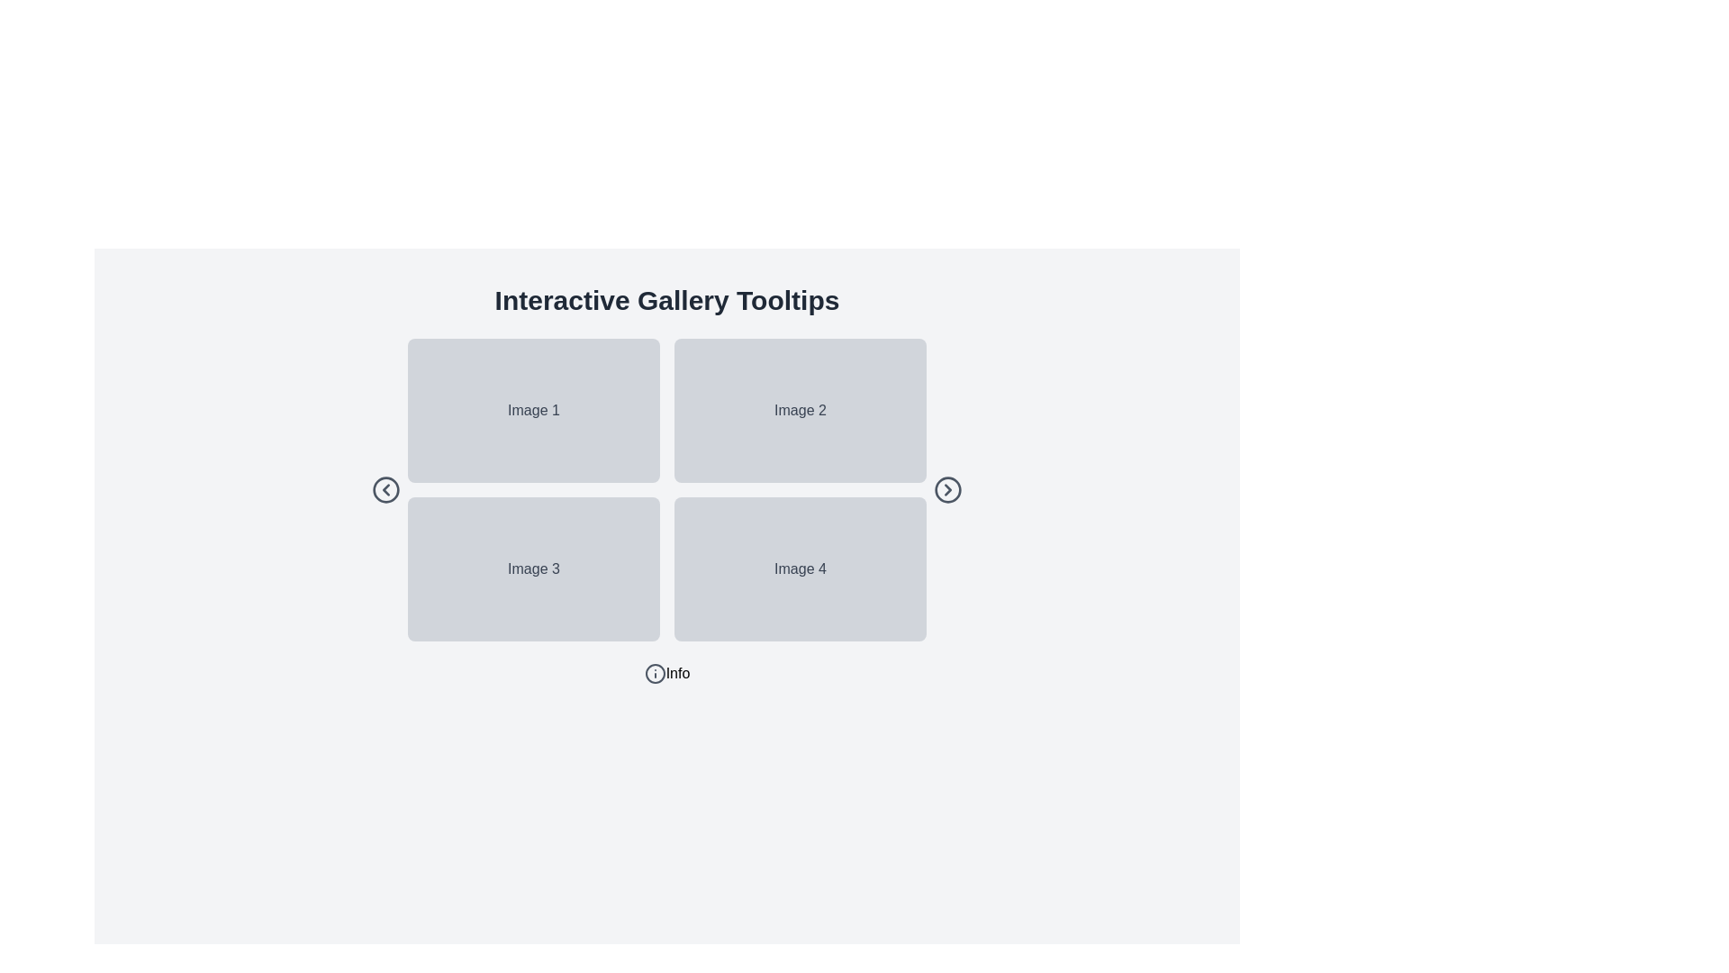 This screenshot has width=1729, height=973. What do you see at coordinates (946, 489) in the screenshot?
I see `the circular button with a gray border and rightward-facing chevron` at bounding box center [946, 489].